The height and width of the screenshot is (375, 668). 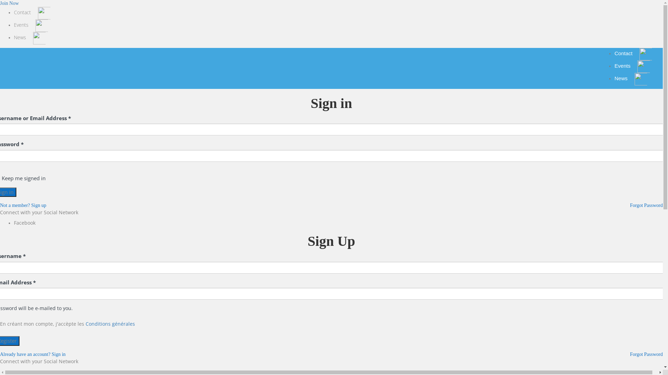 I want to click on 'News', so click(x=631, y=78).